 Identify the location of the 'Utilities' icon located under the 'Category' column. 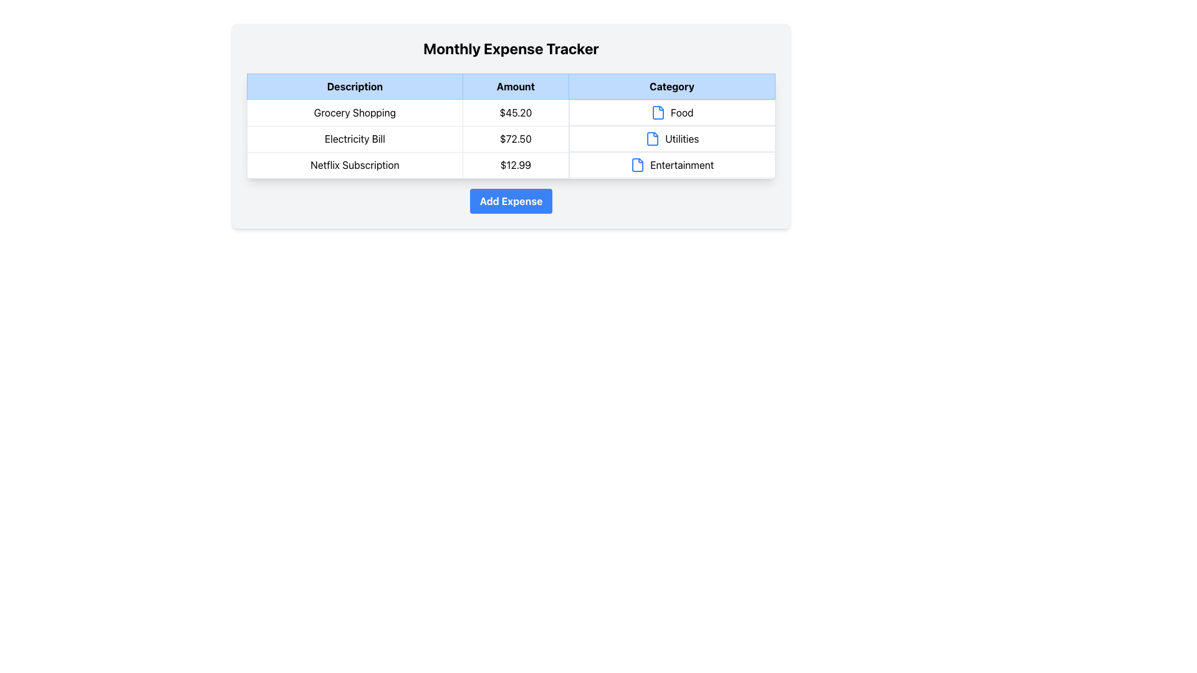
(652, 139).